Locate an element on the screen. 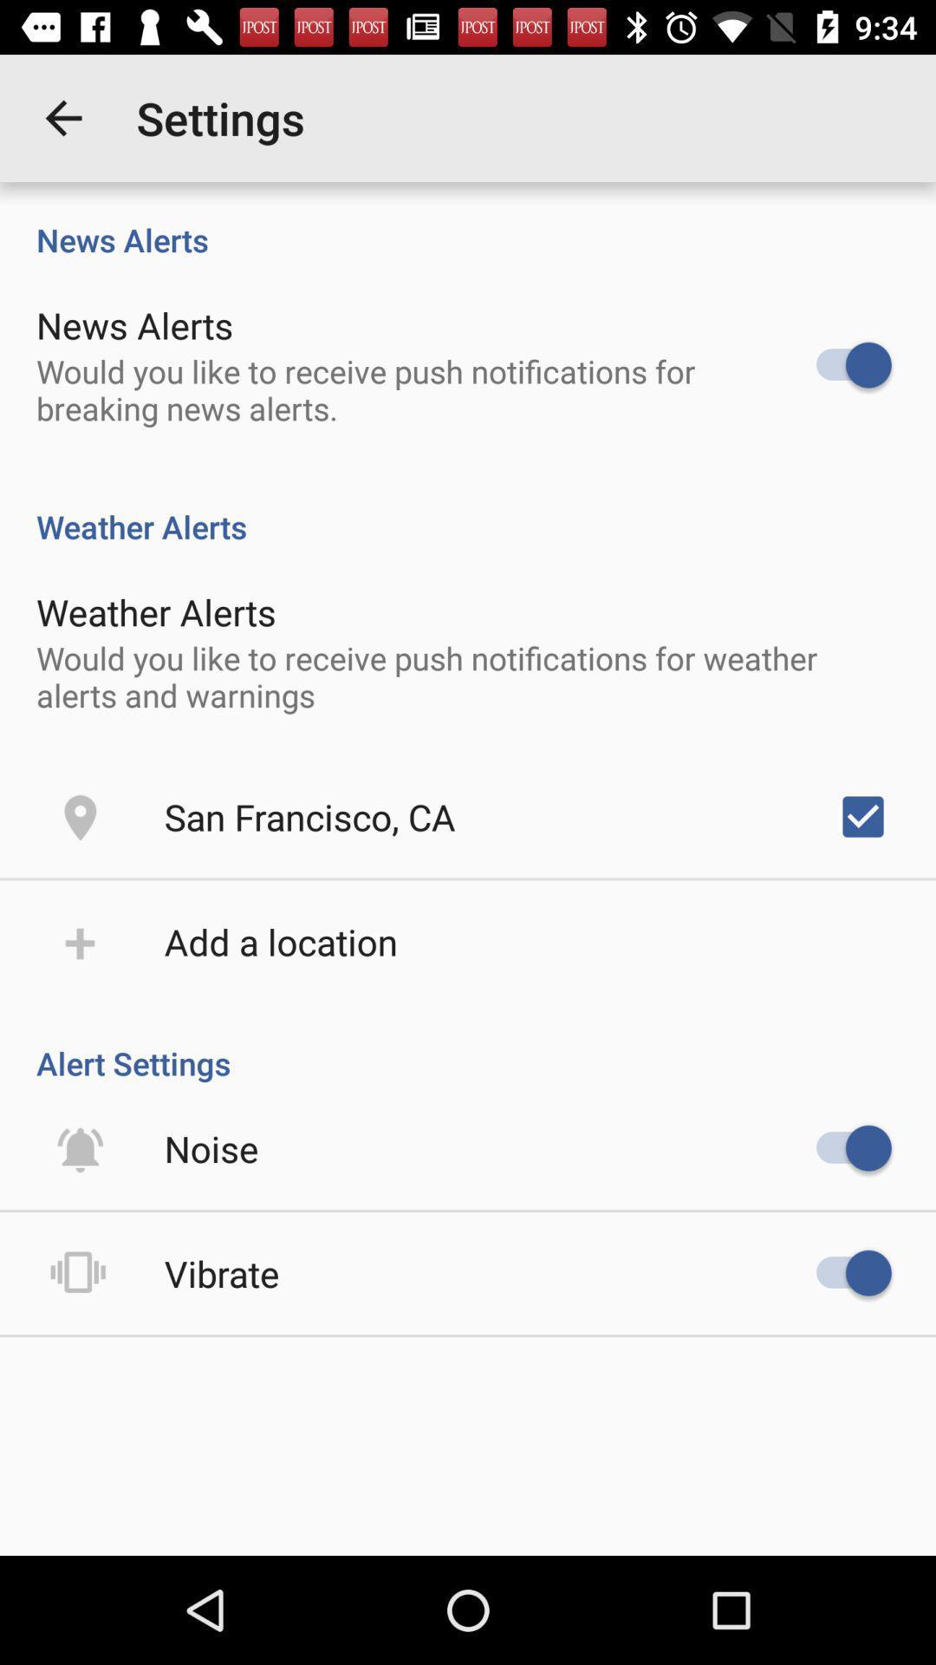 Image resolution: width=936 pixels, height=1665 pixels. app next to settings  icon is located at coordinates (62, 117).